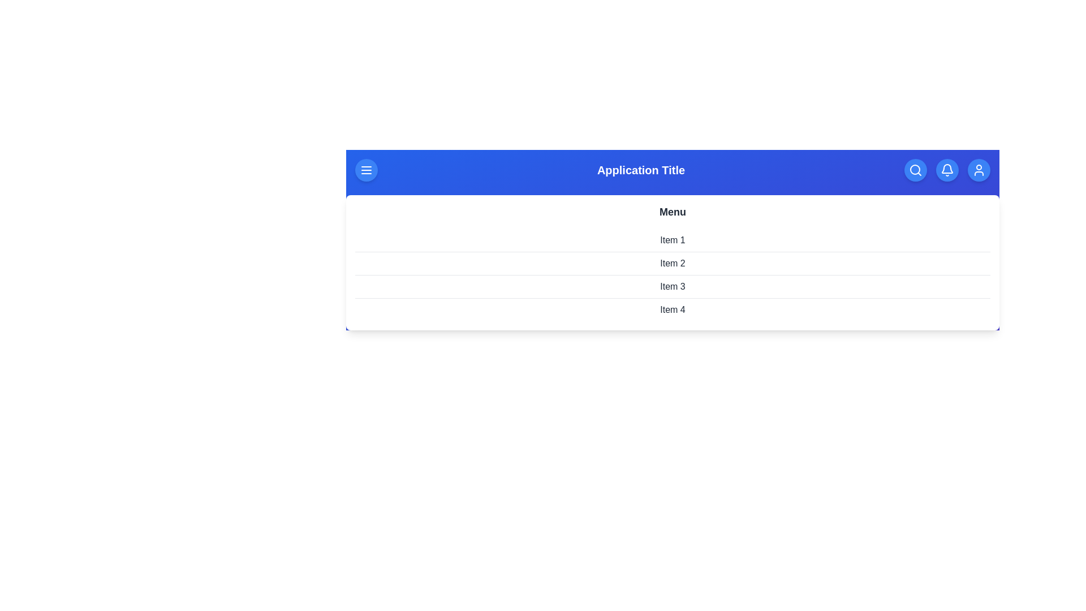  What do you see at coordinates (979, 170) in the screenshot?
I see `the button labeled User to observe its hover effect` at bounding box center [979, 170].